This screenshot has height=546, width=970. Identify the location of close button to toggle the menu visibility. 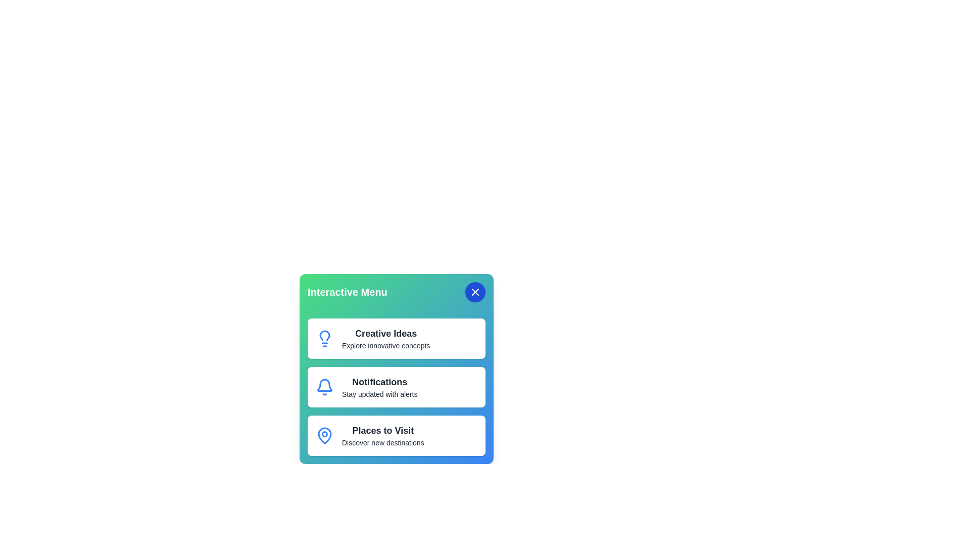
(474, 292).